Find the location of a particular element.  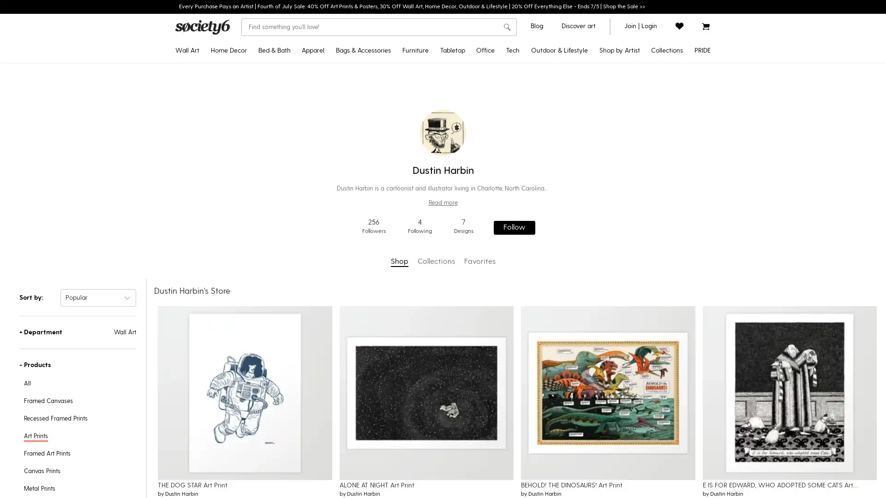

Benches is located at coordinates (431, 89).